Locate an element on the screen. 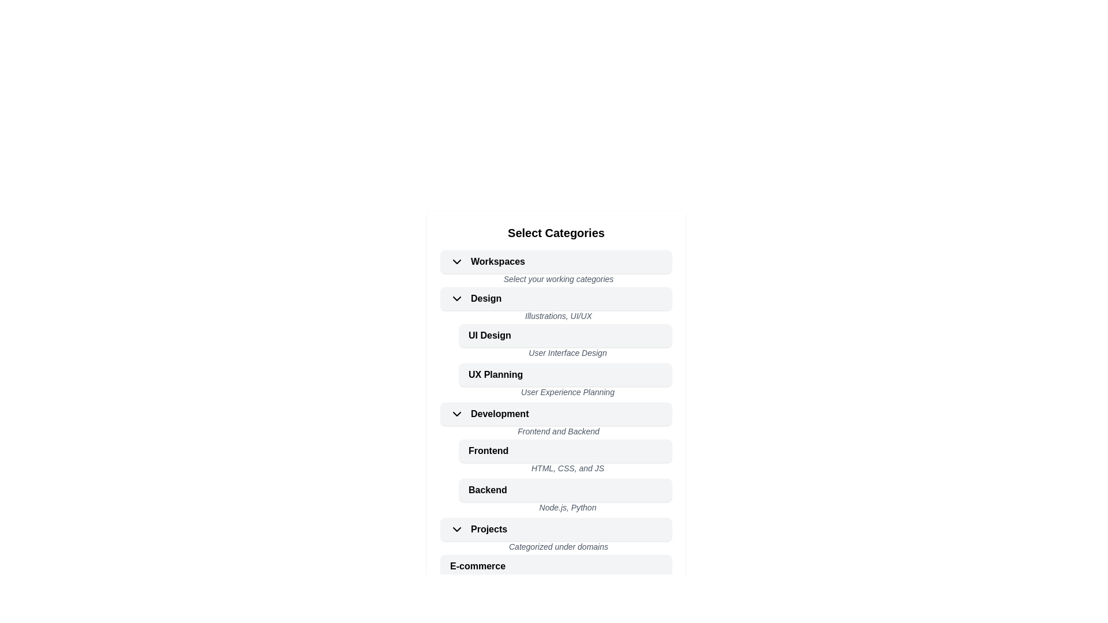 The height and width of the screenshot is (623, 1108). the downward-pointing arrow icon, which is a thin stroke chevron associated with the 'Projects' section is located at coordinates (456, 530).